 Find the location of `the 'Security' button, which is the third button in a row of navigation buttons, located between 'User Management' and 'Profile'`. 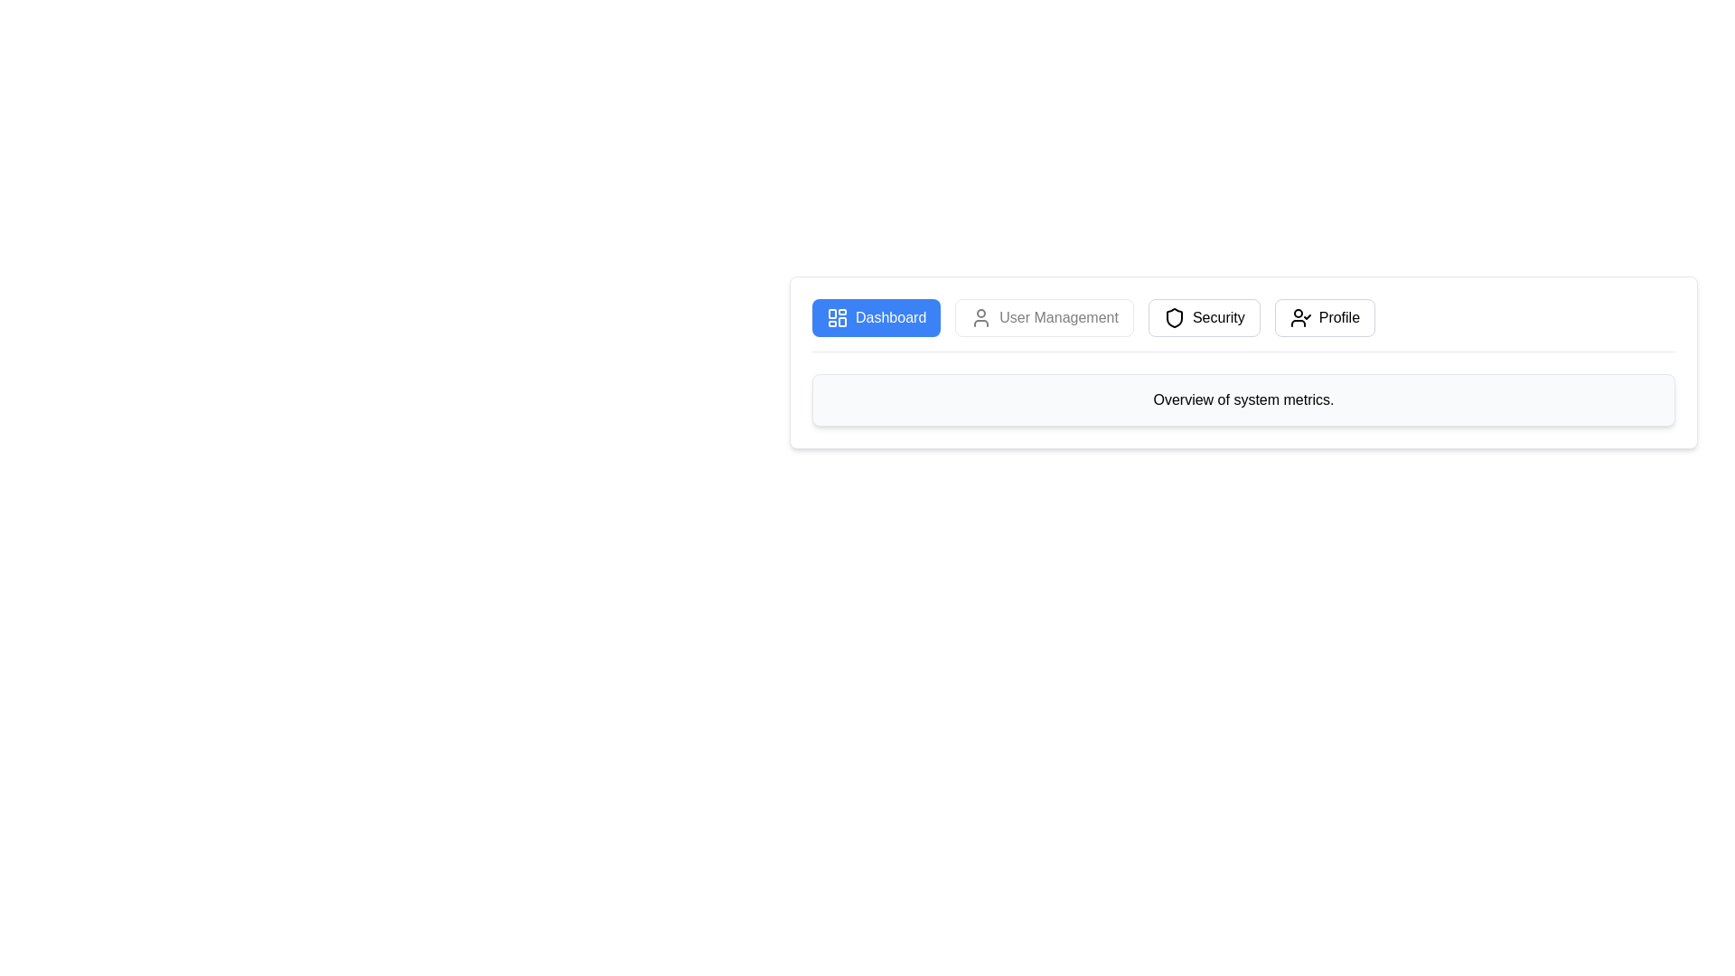

the 'Security' button, which is the third button in a row of navigation buttons, located between 'User Management' and 'Profile' is located at coordinates (1204, 316).